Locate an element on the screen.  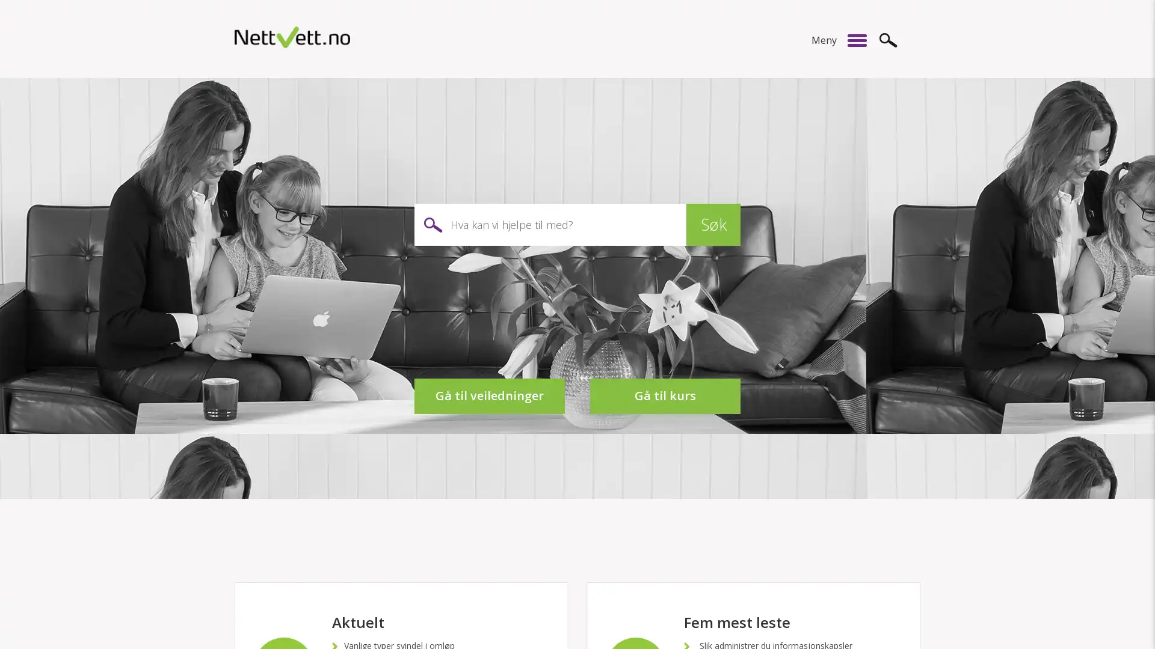
Sk is located at coordinates (889, 39).